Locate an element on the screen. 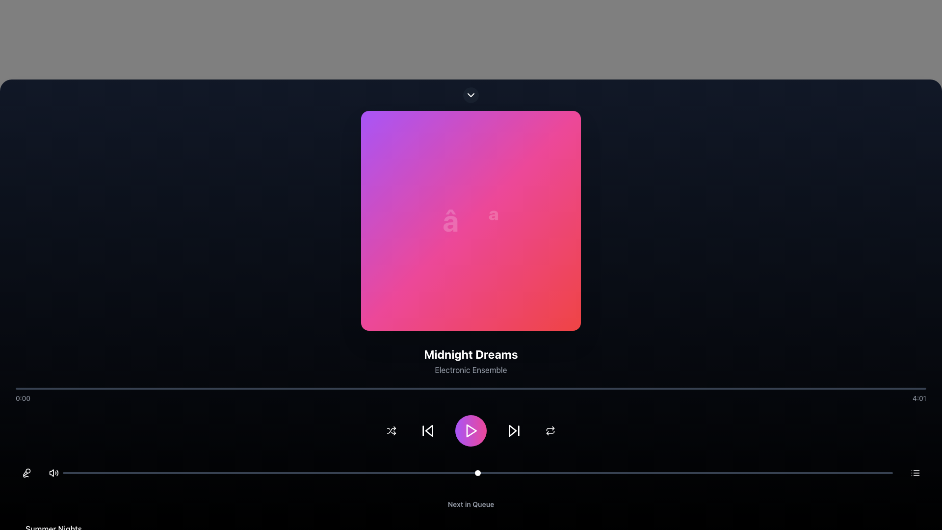 This screenshot has width=942, height=530. the slider value is located at coordinates (602, 473).